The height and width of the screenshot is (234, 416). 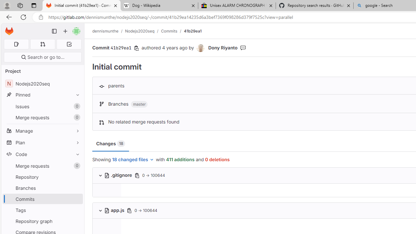 I want to click on 'Pin Branches', so click(x=76, y=188).